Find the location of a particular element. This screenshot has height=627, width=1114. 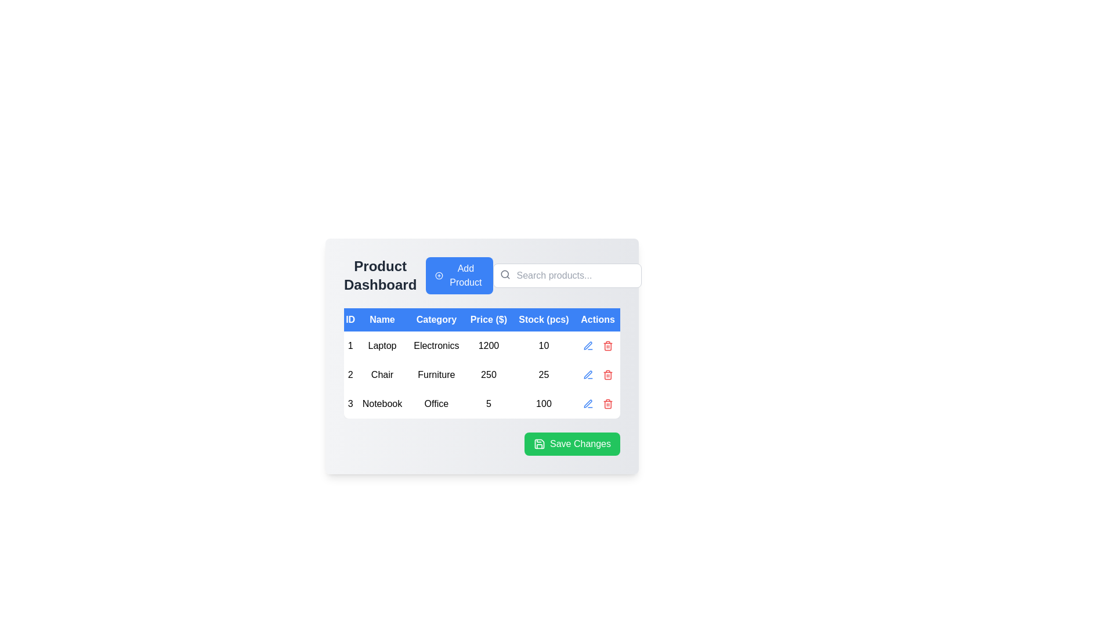

text from the table header cell labeled 'Category', which is the third column header located between 'Name' and 'Price ($)' is located at coordinates (436, 320).